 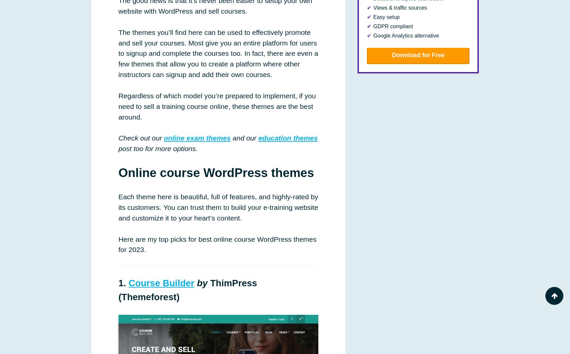 I want to click on 'The themes you’ll find here can be used to effectively promote and sell your courses. Most give you an entire platform for users to signup and complete the courses too. In fact, there are even a few themes that allow you to create a platform where other instructors can signup and add their own courses.', so click(x=218, y=53).